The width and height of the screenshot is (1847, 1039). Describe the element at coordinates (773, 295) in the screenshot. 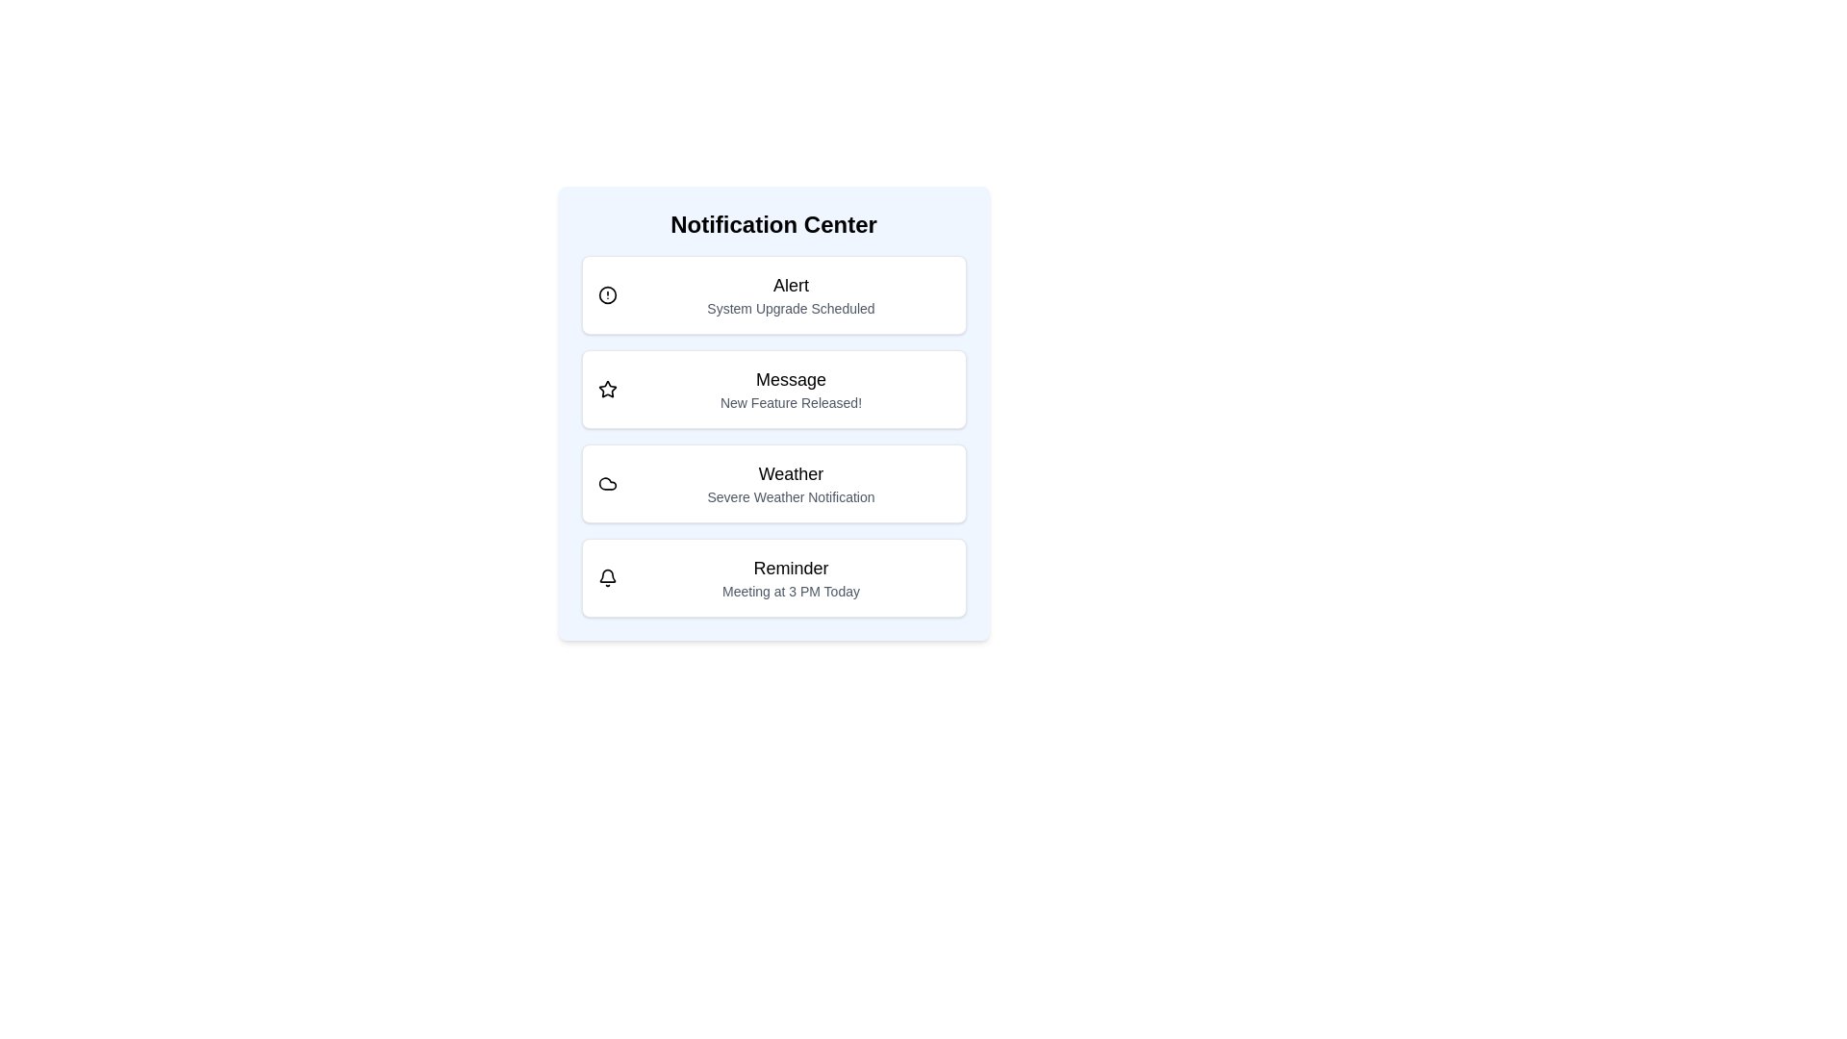

I see `the notification item labeled 'Alert'` at that location.